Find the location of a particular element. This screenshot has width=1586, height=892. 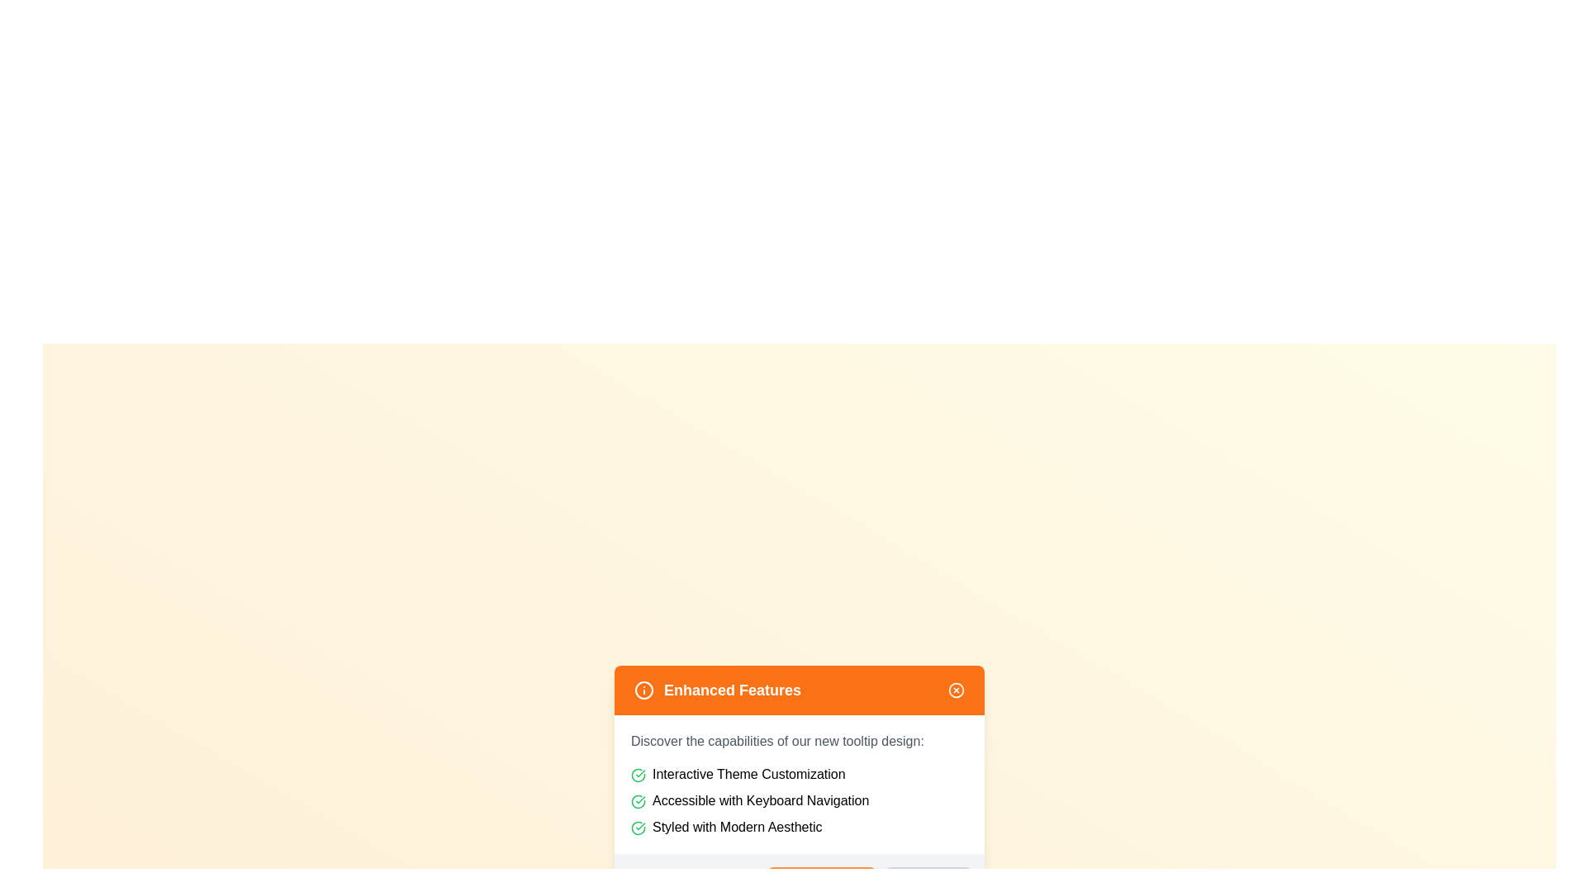

the decorative SVG circle located at the top right corner of the 'Enhanced Features' orange header bar, which signifies closure or cancellation is located at coordinates (956, 690).